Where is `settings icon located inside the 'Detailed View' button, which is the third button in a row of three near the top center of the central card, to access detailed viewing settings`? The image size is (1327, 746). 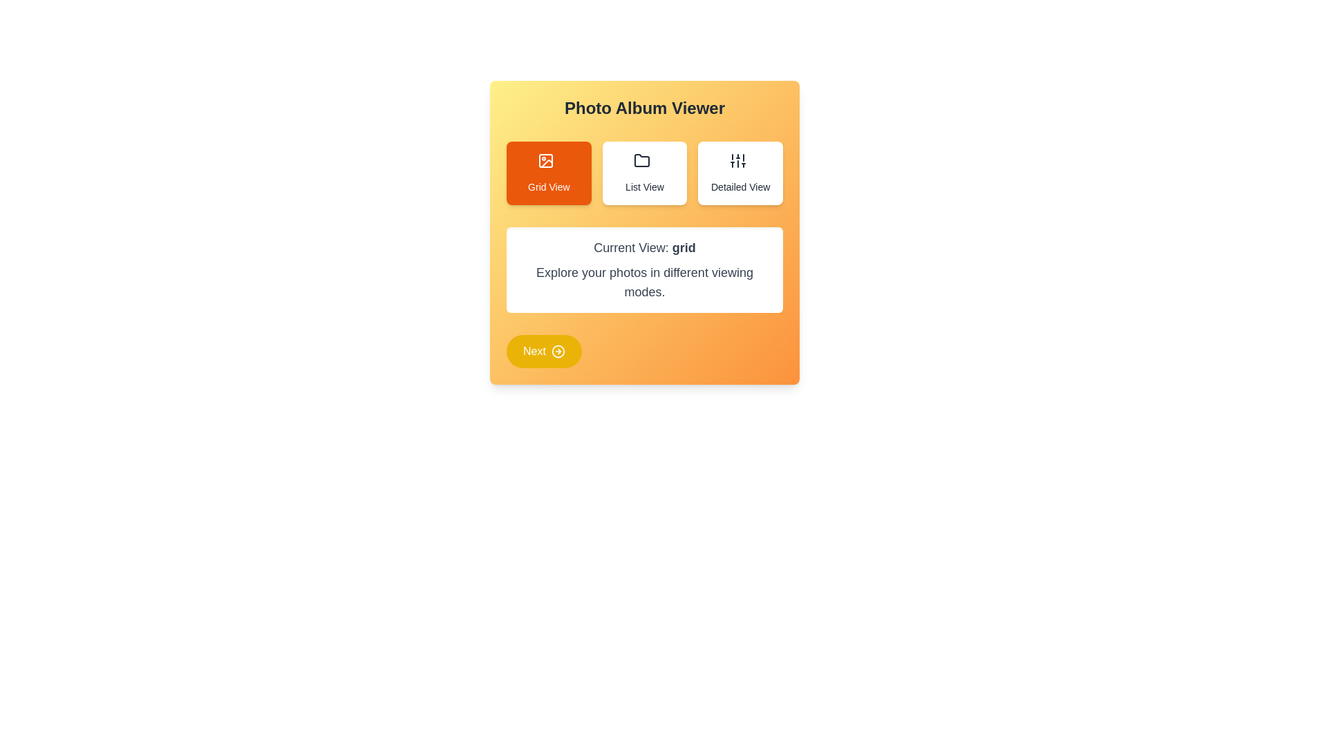 settings icon located inside the 'Detailed View' button, which is the third button in a row of three near the top center of the central card, to access detailed viewing settings is located at coordinates (740, 162).